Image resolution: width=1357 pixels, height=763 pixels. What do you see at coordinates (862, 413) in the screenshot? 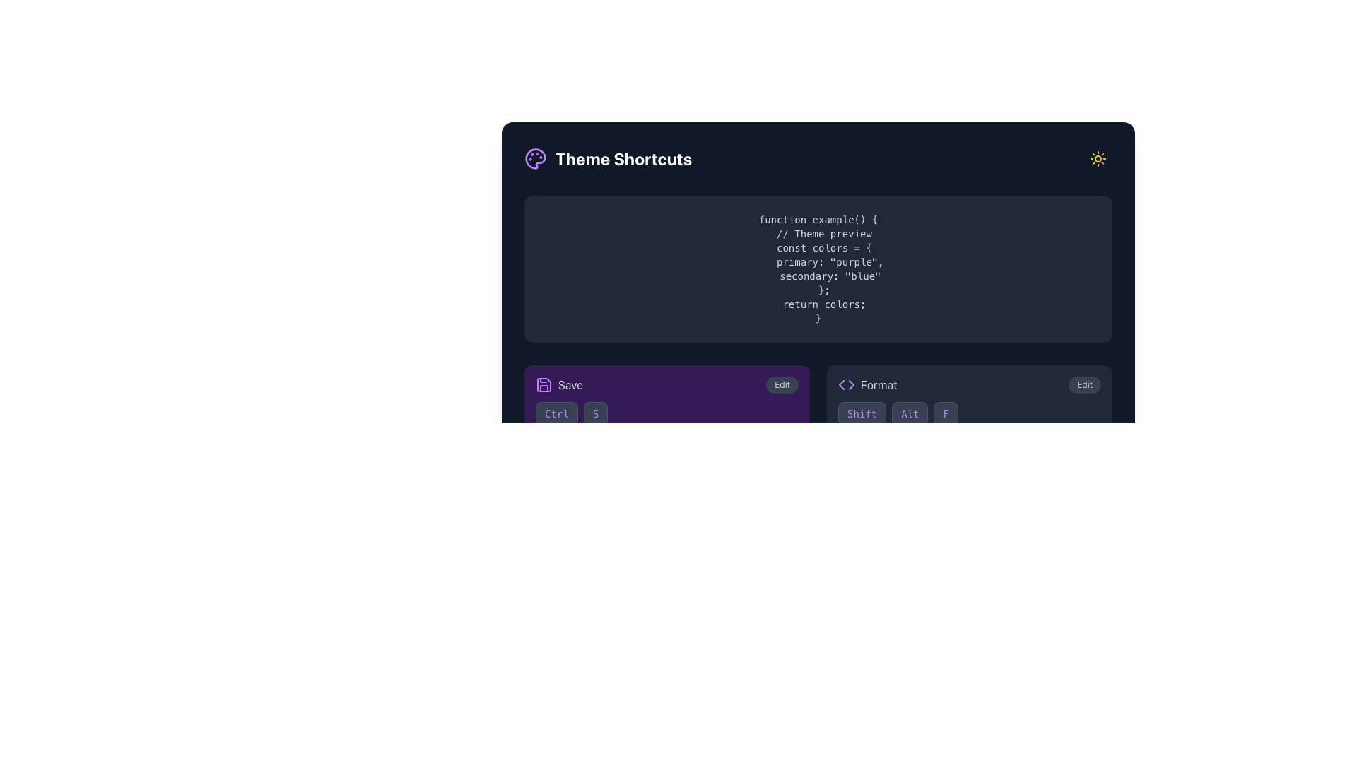
I see `the static label representing the 'Shift' key, which is styled as a button and is the first in a group of three elements near the bottom right of the interface` at bounding box center [862, 413].